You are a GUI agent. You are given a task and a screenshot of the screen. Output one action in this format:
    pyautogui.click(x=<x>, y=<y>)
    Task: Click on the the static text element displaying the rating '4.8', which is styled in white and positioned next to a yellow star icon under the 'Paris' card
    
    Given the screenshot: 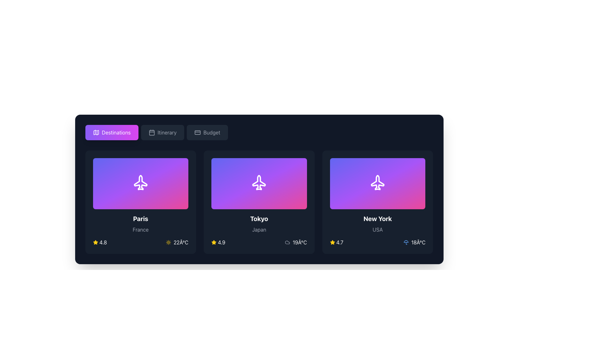 What is the action you would take?
    pyautogui.click(x=103, y=242)
    